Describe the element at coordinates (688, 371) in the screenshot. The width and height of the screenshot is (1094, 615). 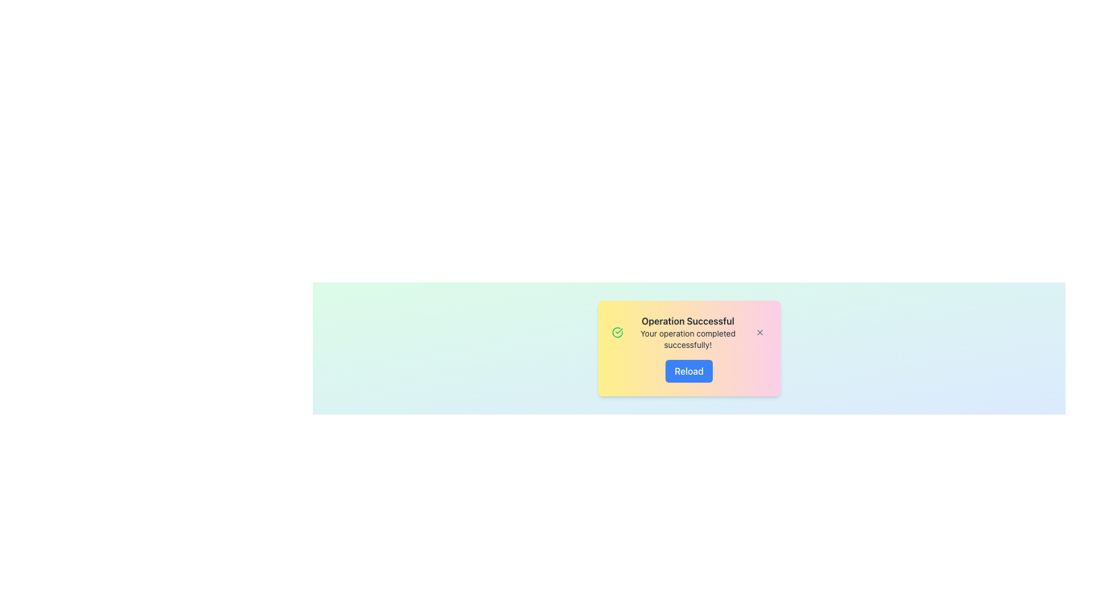
I see `the blue 'Reload' button with white text, which is located in the lower half of a colorful notification card with a yellow-pink gradient background` at that location.